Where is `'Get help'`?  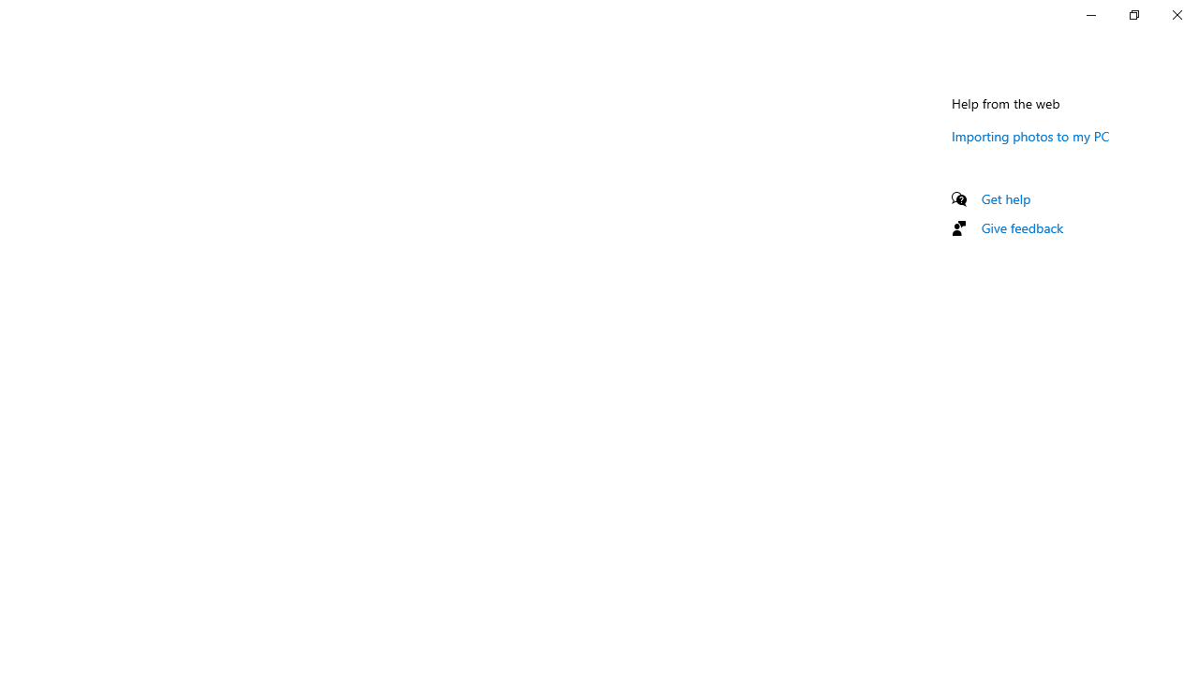 'Get help' is located at coordinates (1005, 198).